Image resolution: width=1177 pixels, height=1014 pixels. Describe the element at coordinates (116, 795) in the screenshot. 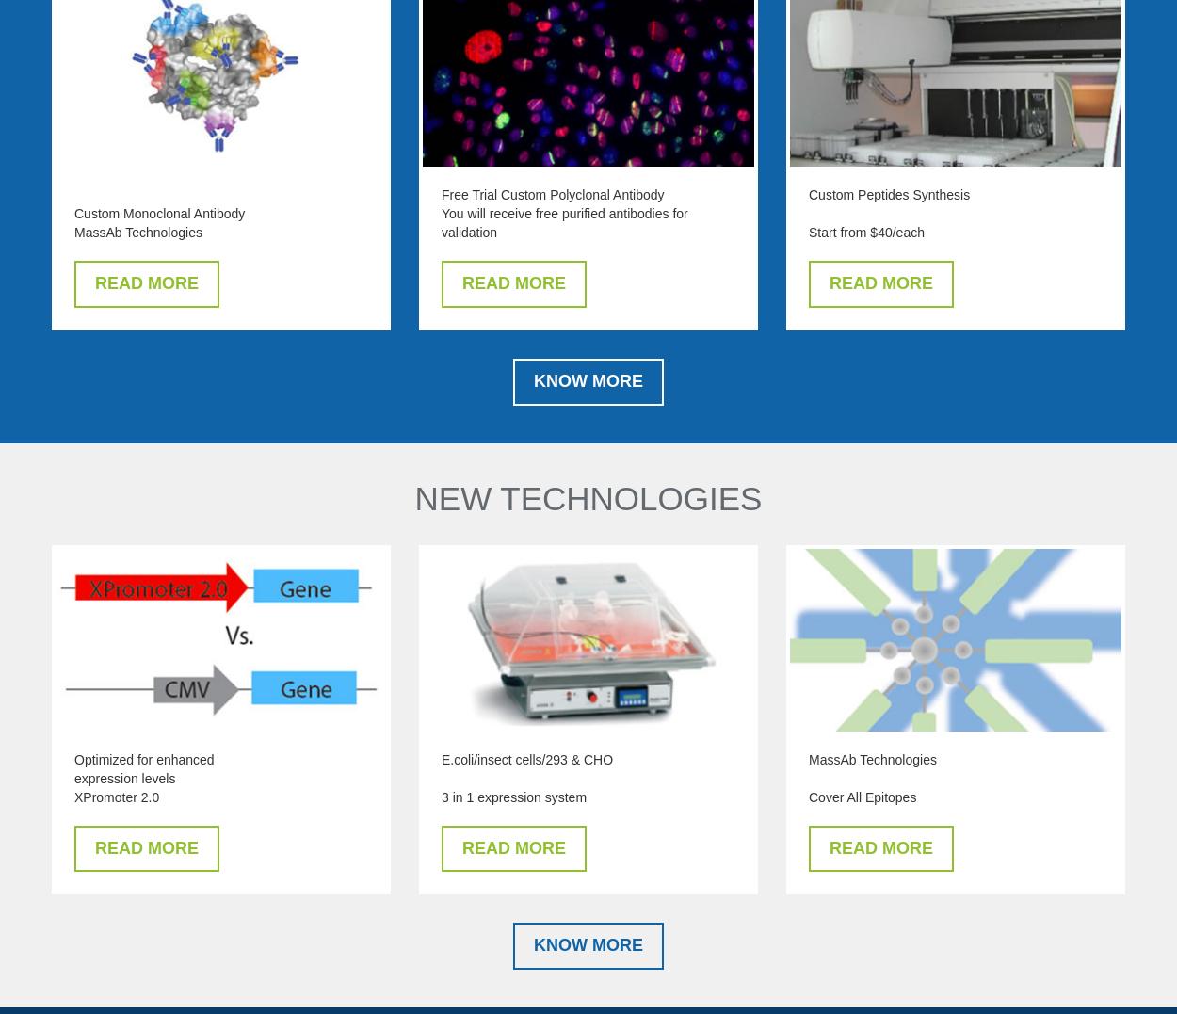

I see `'XPromoter 2.0'` at that location.